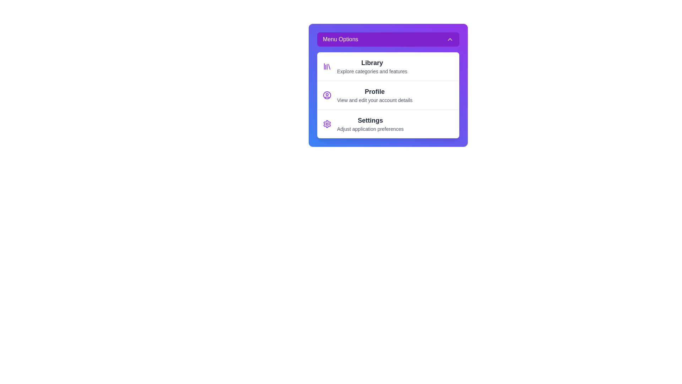  What do you see at coordinates (372, 71) in the screenshot?
I see `the static text element located directly underneath the 'Library' heading in the menu panel, which provides additional context for the 'Library' option` at bounding box center [372, 71].